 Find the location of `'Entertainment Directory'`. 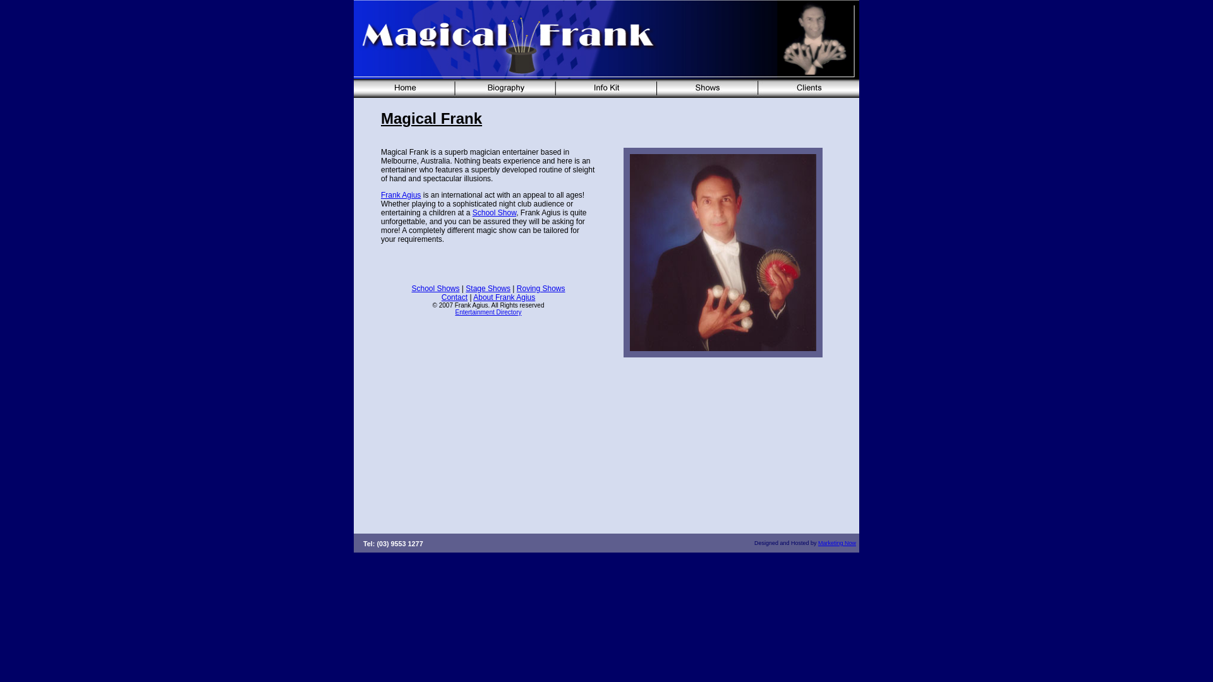

'Entertainment Directory' is located at coordinates (455, 312).